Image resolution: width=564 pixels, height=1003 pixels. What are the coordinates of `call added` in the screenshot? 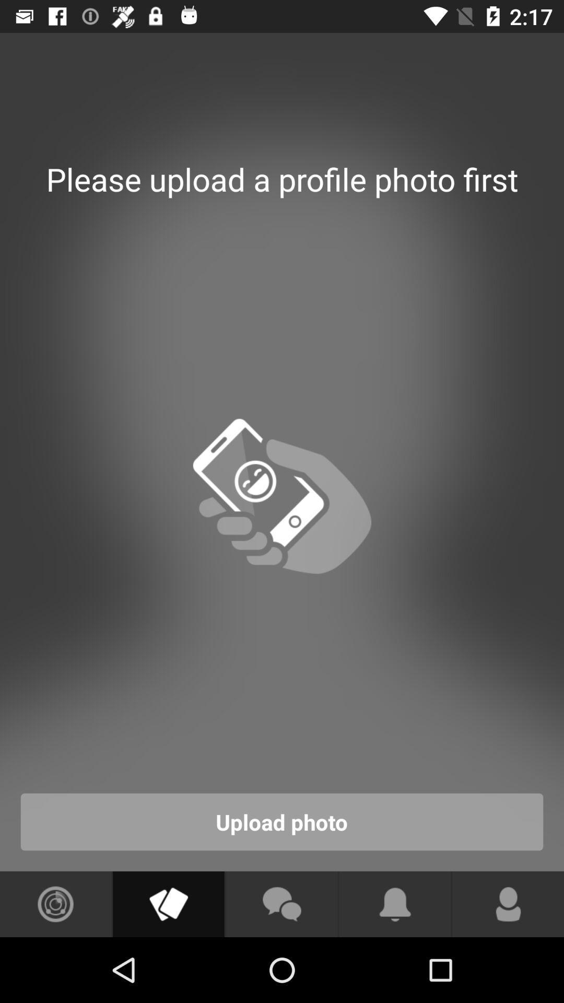 It's located at (508, 904).